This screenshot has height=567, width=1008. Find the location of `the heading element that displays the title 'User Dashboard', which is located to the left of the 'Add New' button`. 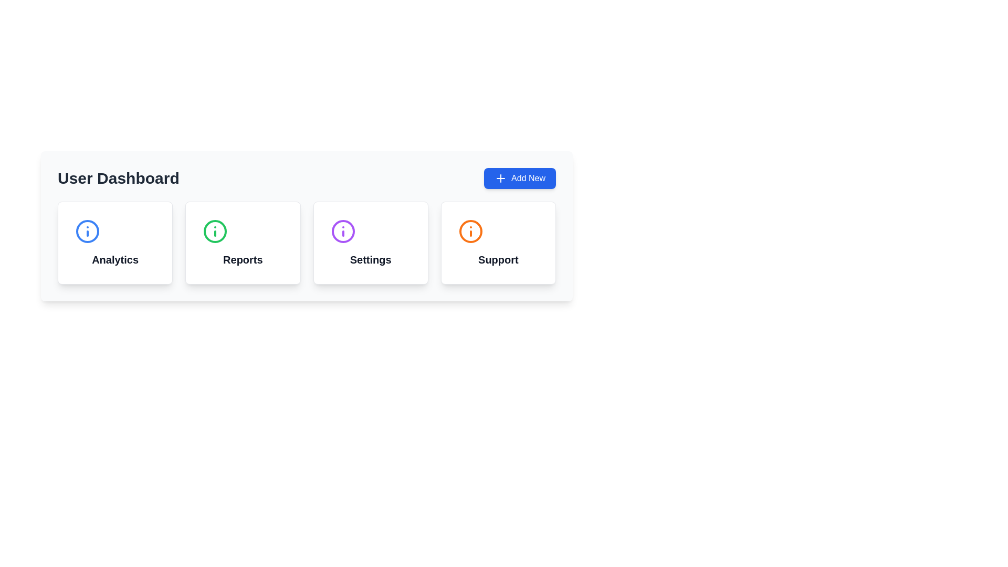

the heading element that displays the title 'User Dashboard', which is located to the left of the 'Add New' button is located at coordinates (118, 177).